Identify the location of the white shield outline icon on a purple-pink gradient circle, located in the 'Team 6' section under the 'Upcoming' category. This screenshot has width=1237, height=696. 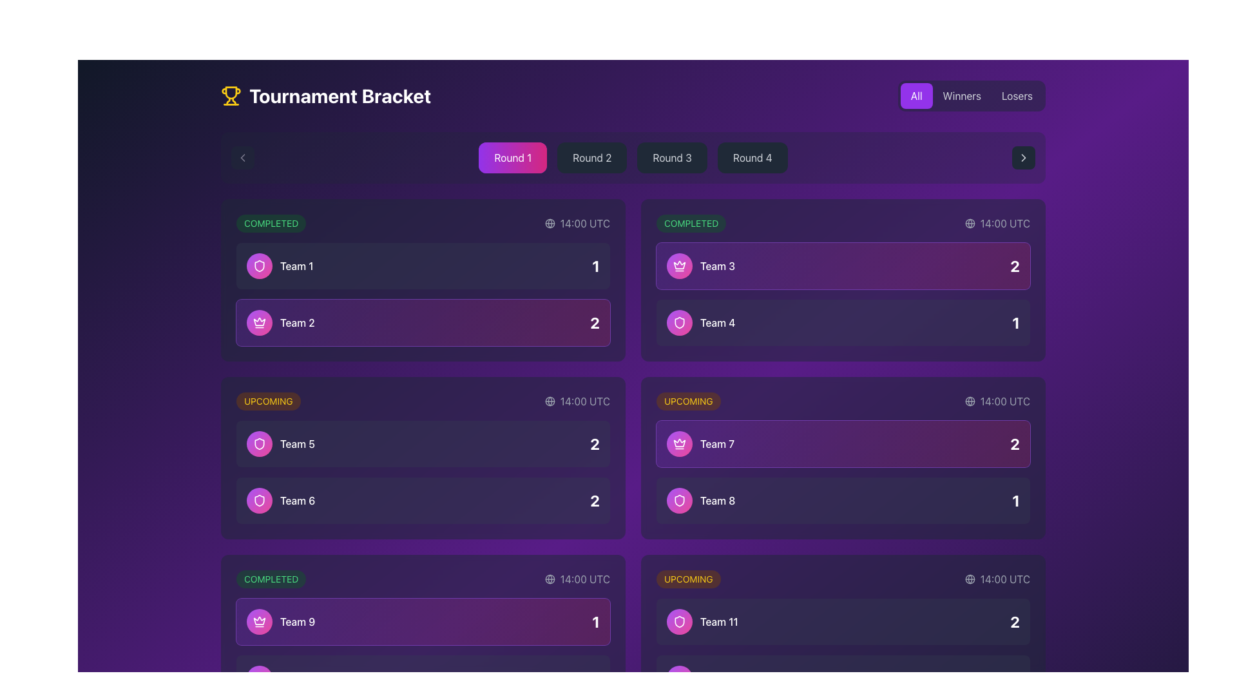
(259, 443).